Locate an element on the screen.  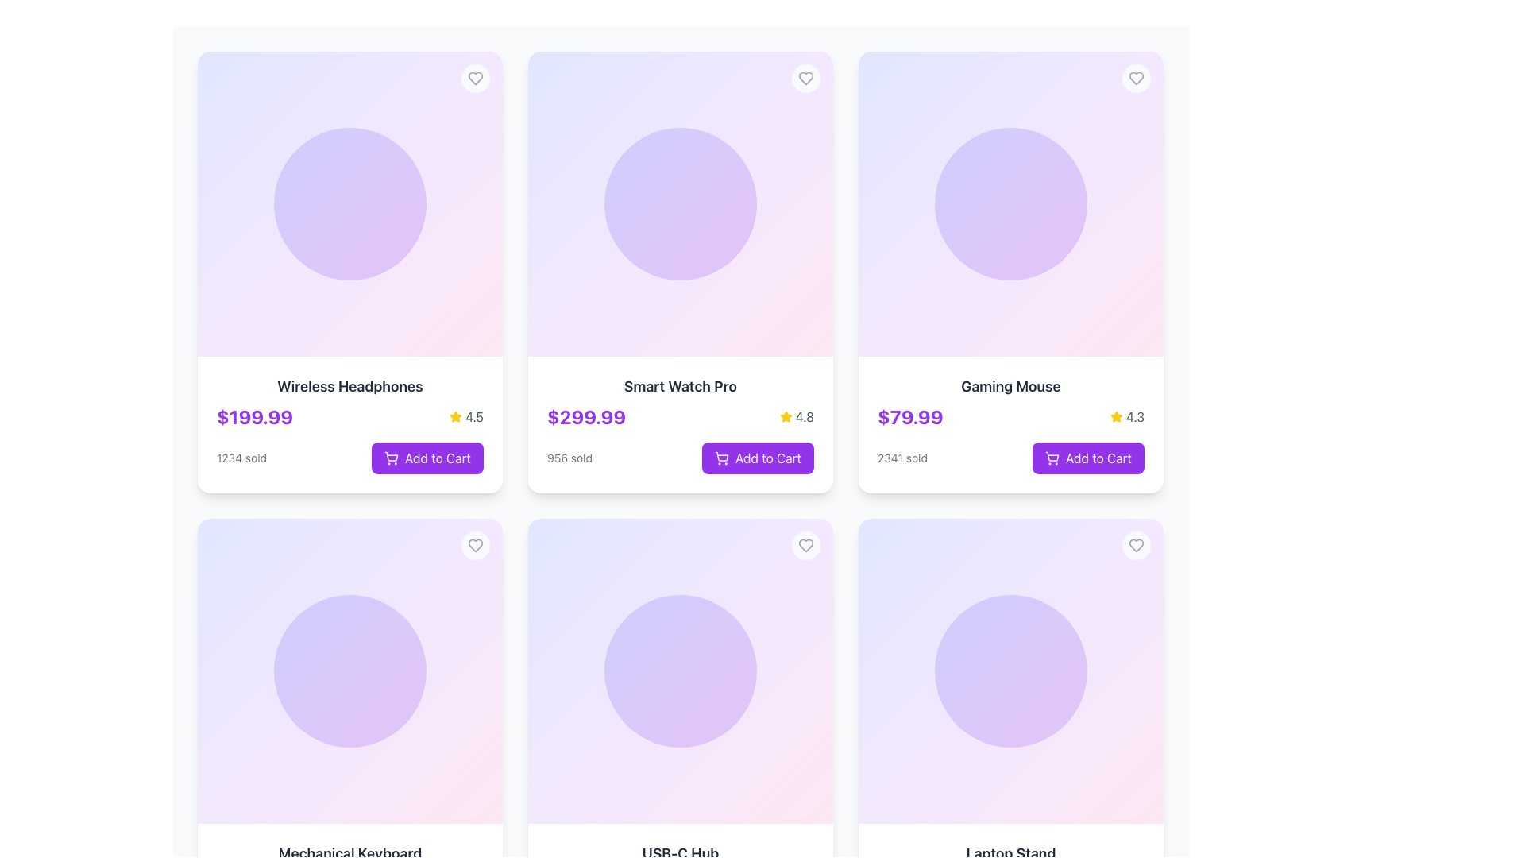
the heart icon in the circular button located at the top-right corner of the 'Smart Watch Pro' product card to mark the item as favorite is located at coordinates (805, 79).